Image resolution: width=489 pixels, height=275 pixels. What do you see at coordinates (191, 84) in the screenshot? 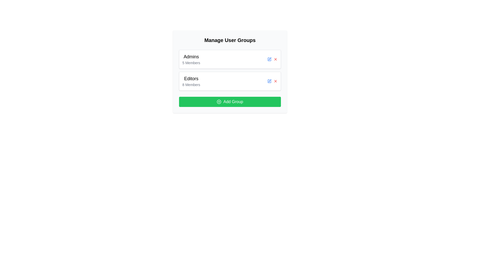
I see `the static text label indicating the number of members in the group labeled 'Editors', which is located directly below the 'Editors' text` at bounding box center [191, 84].